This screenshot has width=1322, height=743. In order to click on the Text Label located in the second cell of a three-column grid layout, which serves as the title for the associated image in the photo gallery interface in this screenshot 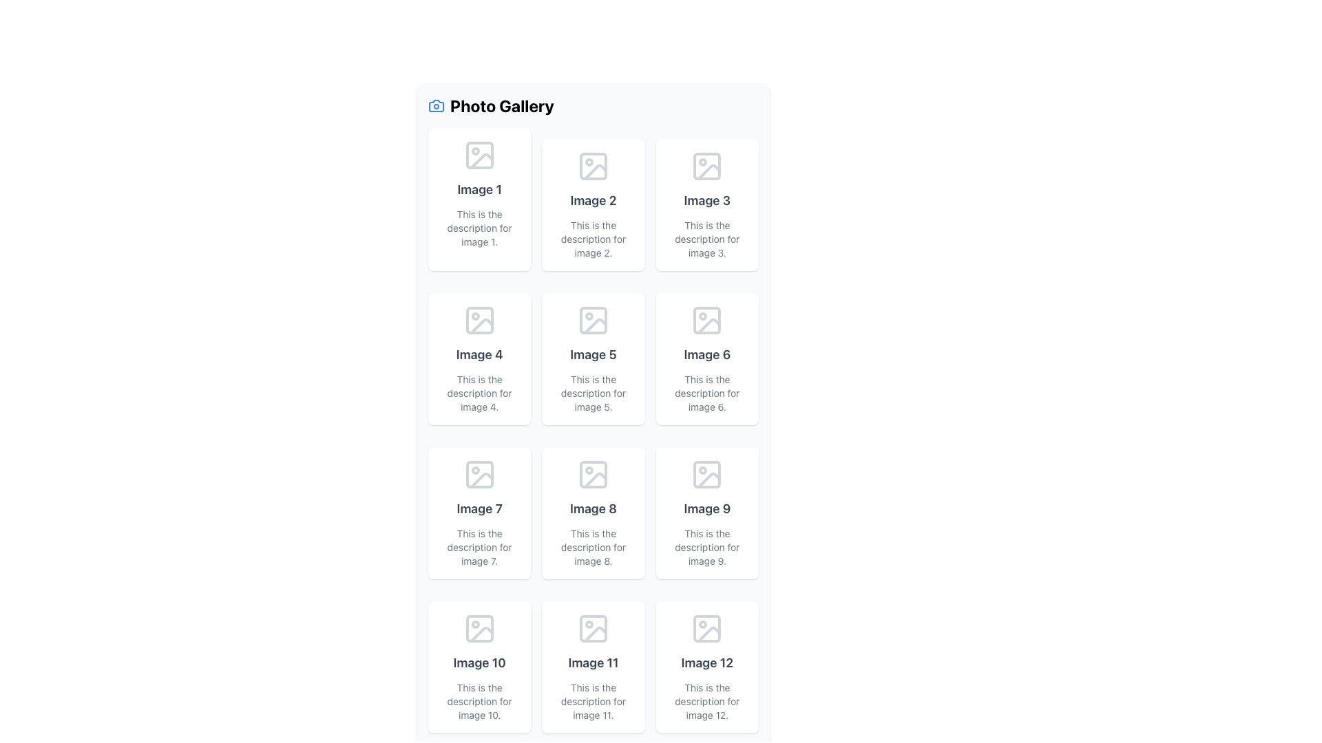, I will do `click(593, 201)`.